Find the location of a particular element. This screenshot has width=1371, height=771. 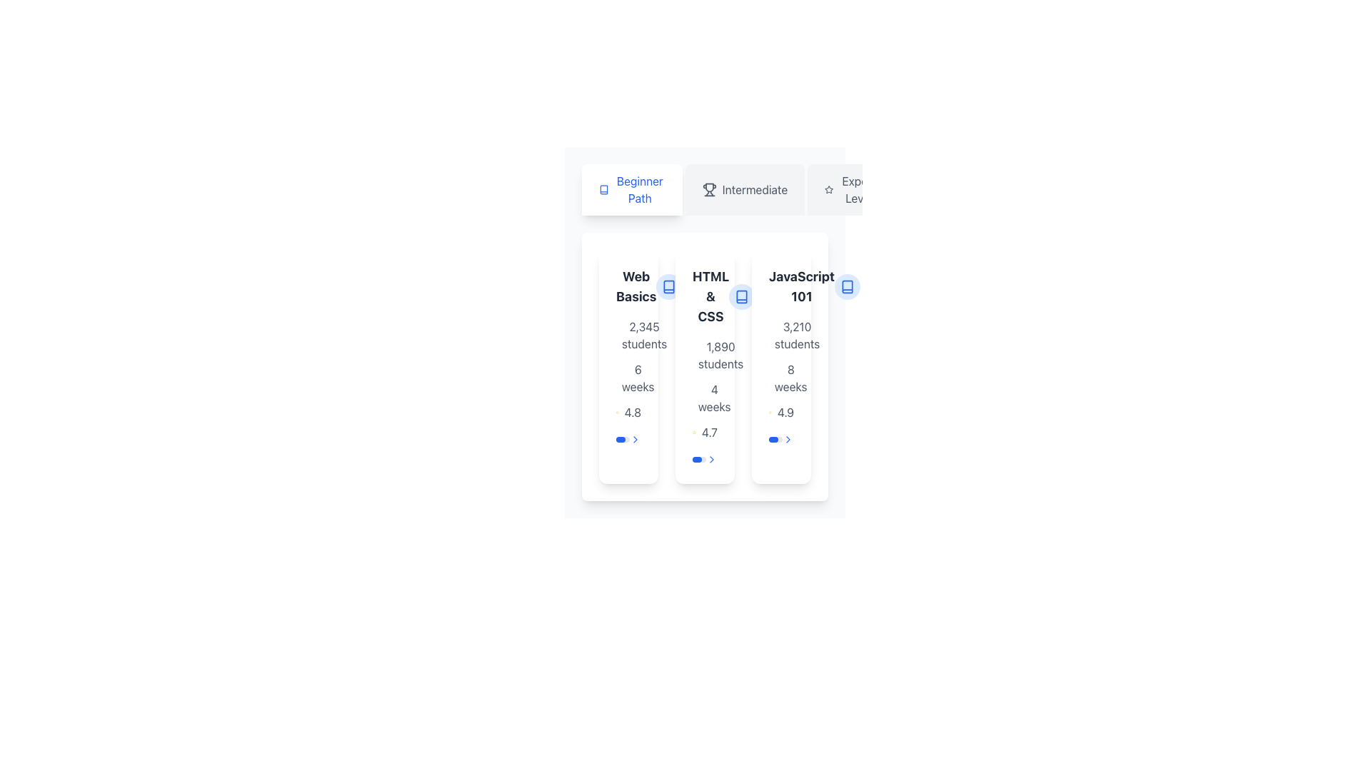

the rectangular button labeled 'Intermediate' with a trophy icon on its left is located at coordinates (744, 189).